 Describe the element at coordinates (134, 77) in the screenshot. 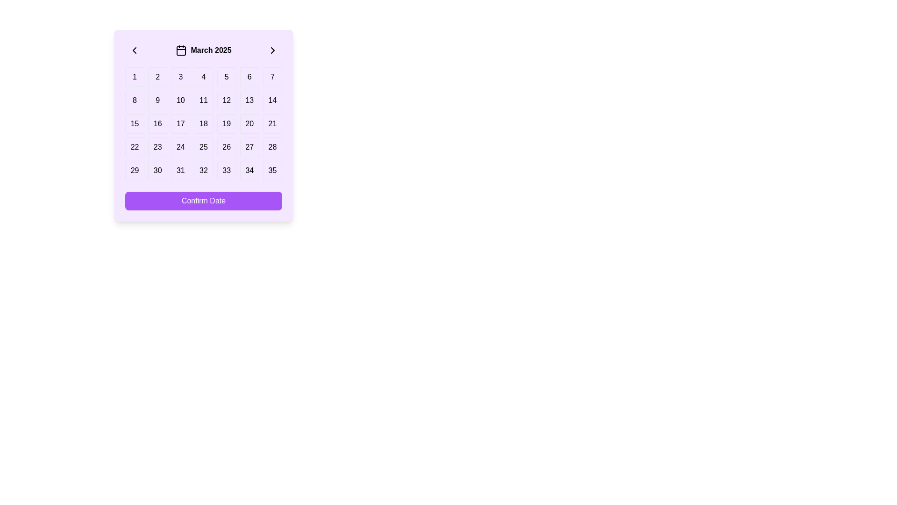

I see `the date selection button labeled '1' located at the top-left corner of the calendar grid` at that location.